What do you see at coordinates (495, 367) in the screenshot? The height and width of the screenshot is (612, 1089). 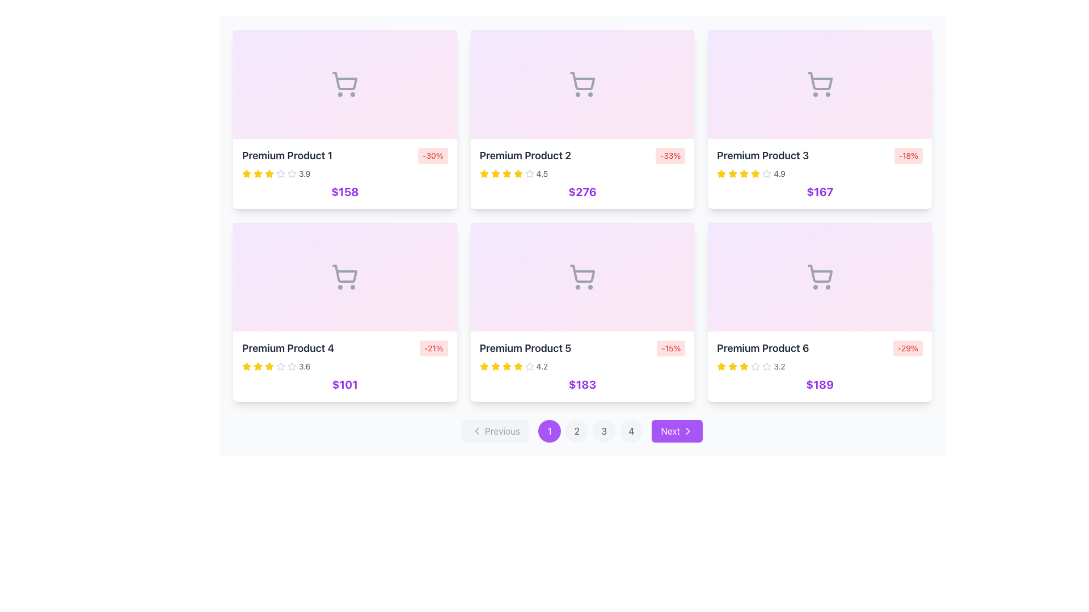 I see `the third star icon in the rating system of the Premium Product 5 card if it is interactive` at bounding box center [495, 367].